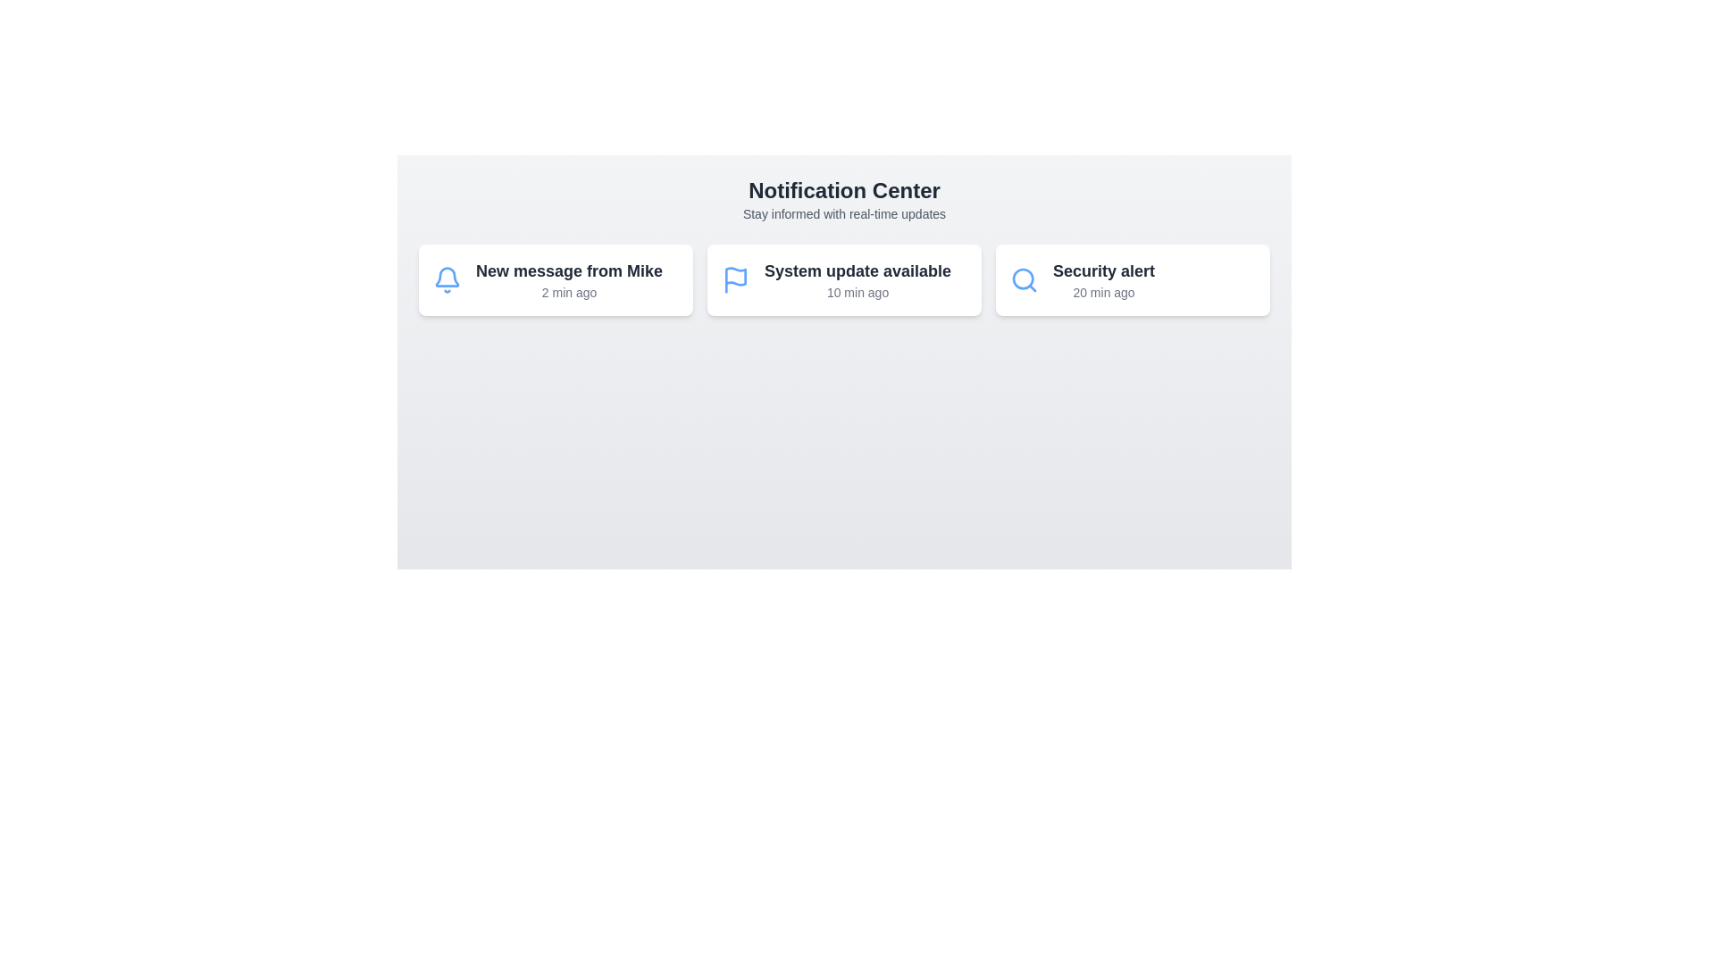 This screenshot has width=1715, height=964. I want to click on the bell-shaped notification icon located on the left side of the first card in the notification center, next to the text 'New message from Mike' and '2 min ago', so click(447, 279).